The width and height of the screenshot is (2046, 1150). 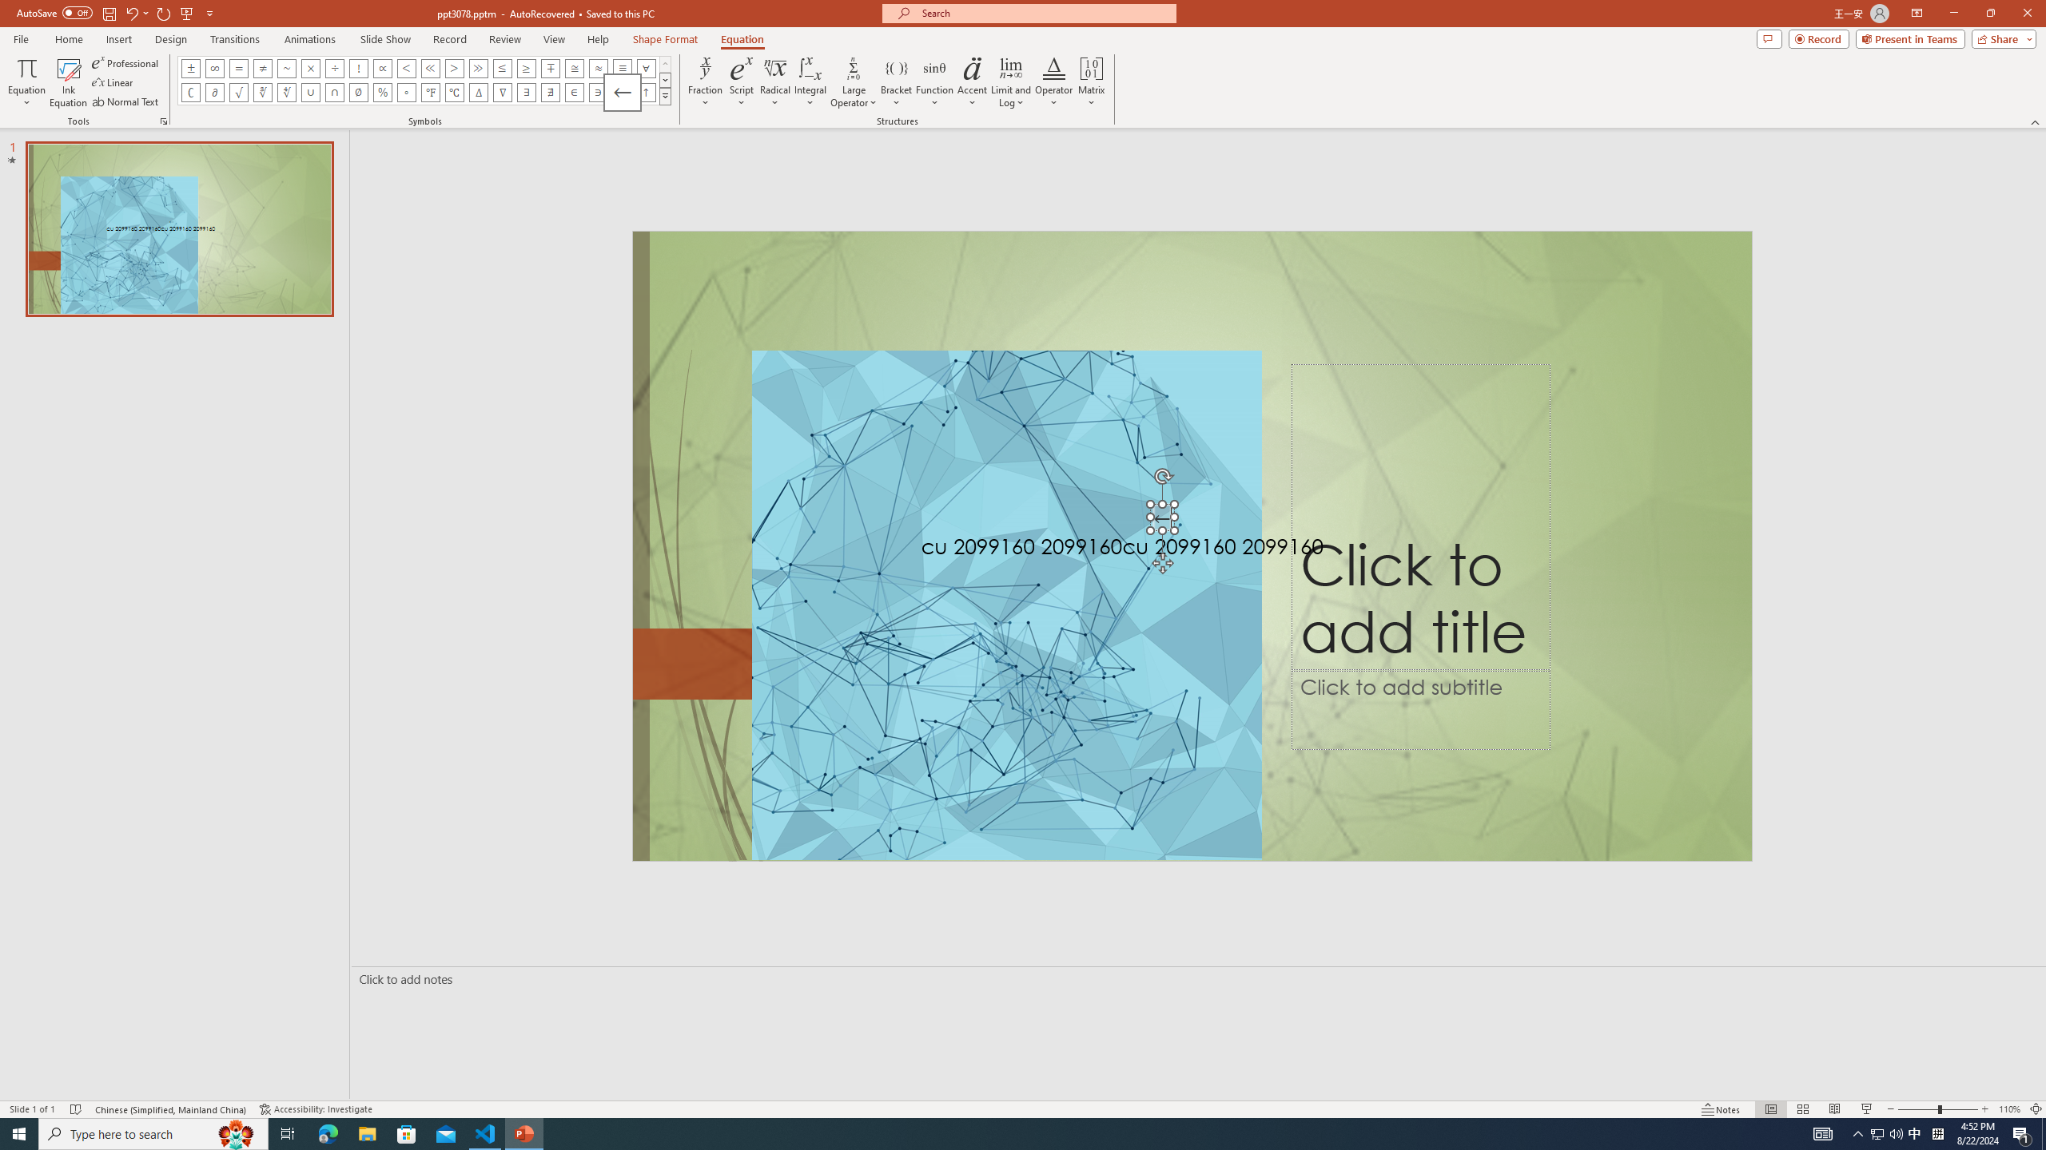 I want to click on 'Equation Symbol Fourth Root', so click(x=286, y=91).